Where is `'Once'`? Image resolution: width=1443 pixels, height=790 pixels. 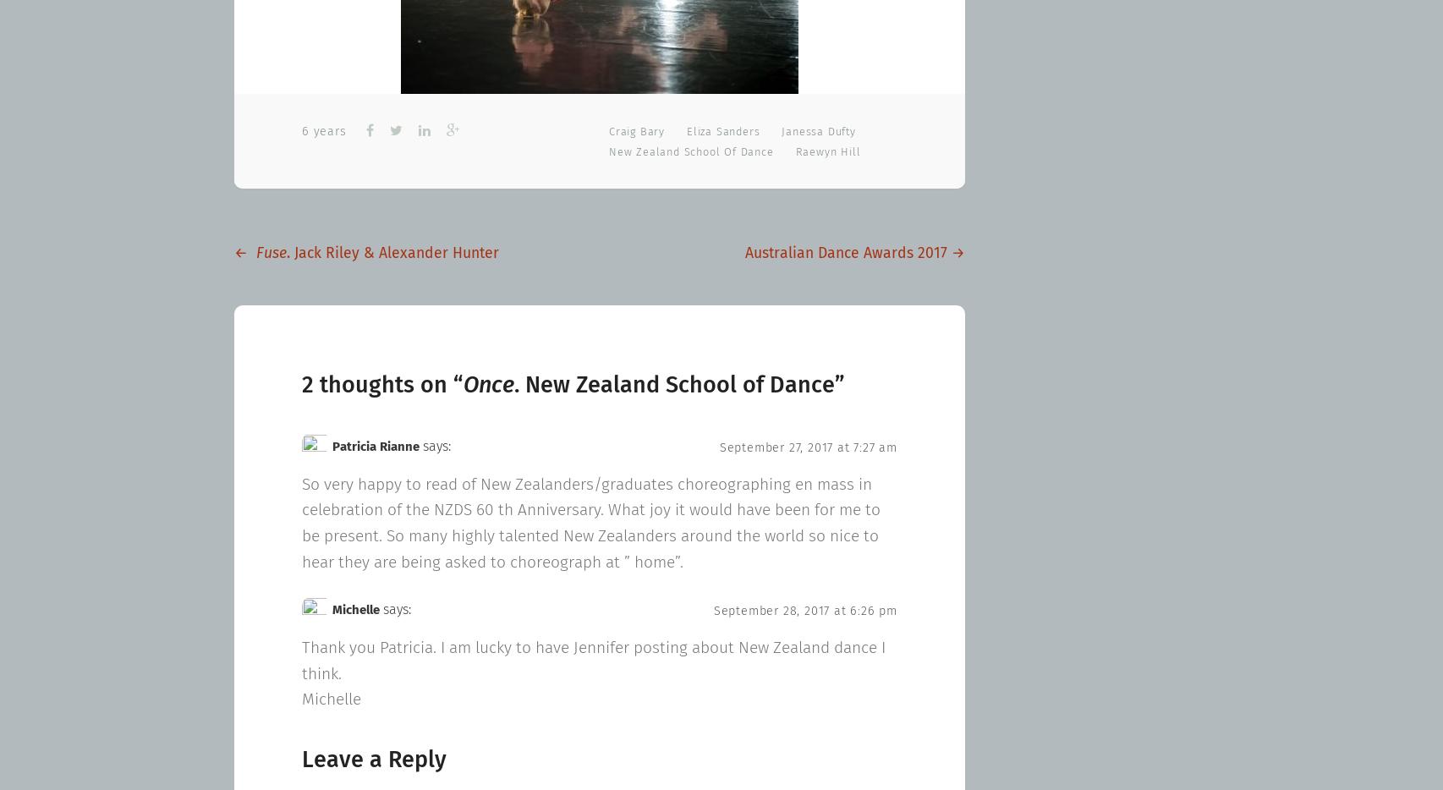 'Once' is located at coordinates (487, 385).